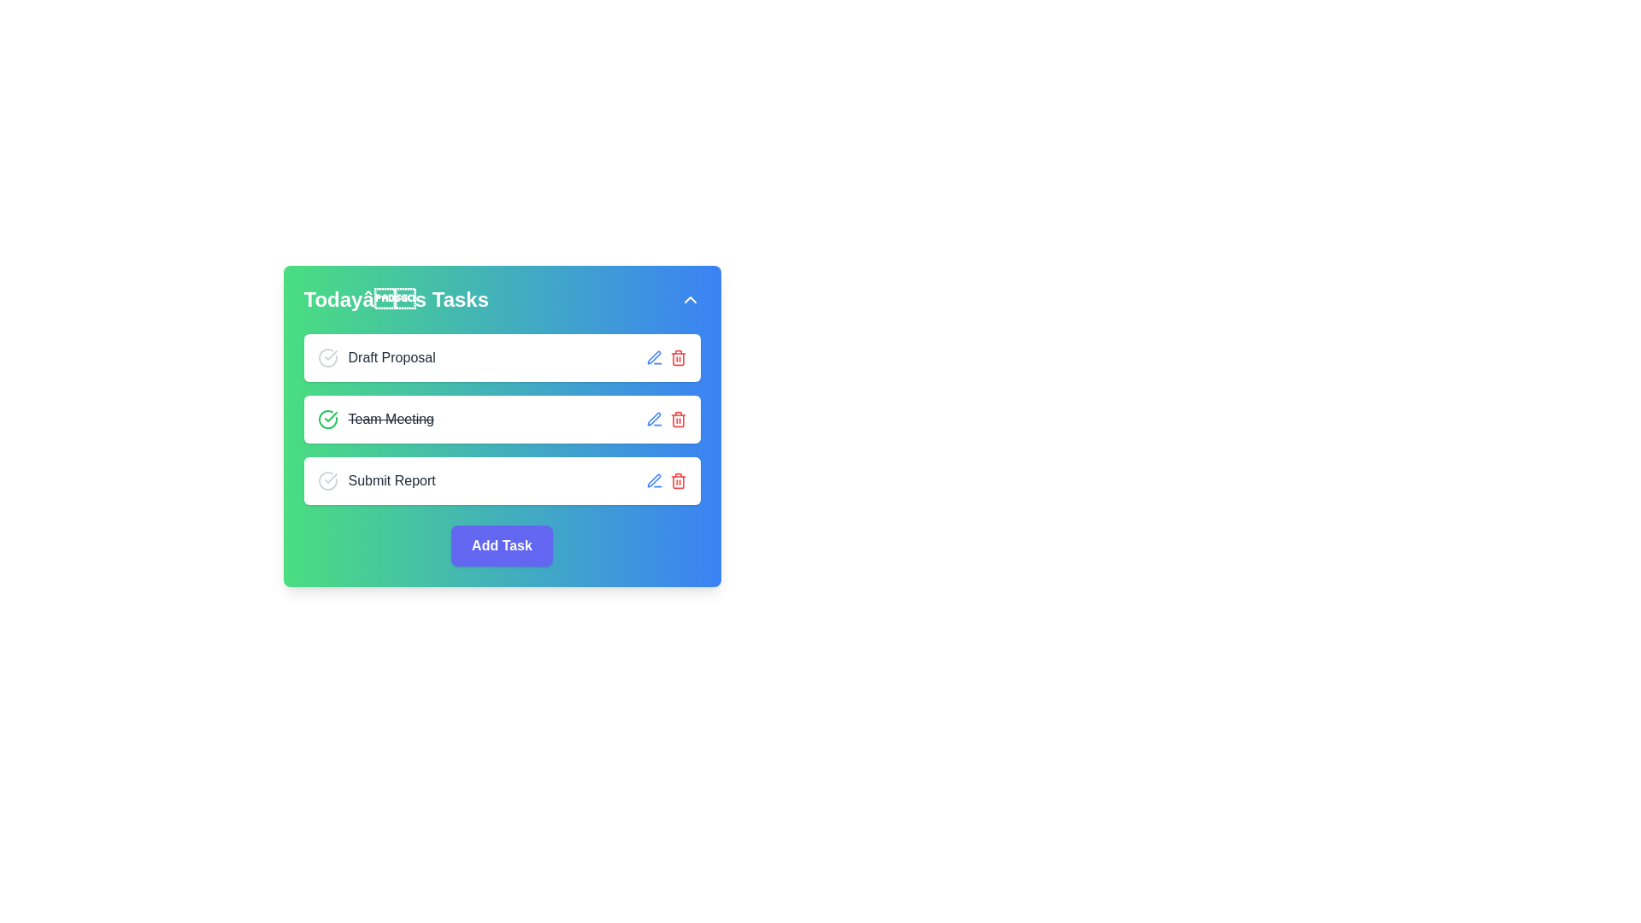 This screenshot has width=1641, height=923. Describe the element at coordinates (374, 419) in the screenshot. I see `the text label displaying 'Team Meeting' with a strikethrough style, indicating completion, located in the second row of tasks` at that location.